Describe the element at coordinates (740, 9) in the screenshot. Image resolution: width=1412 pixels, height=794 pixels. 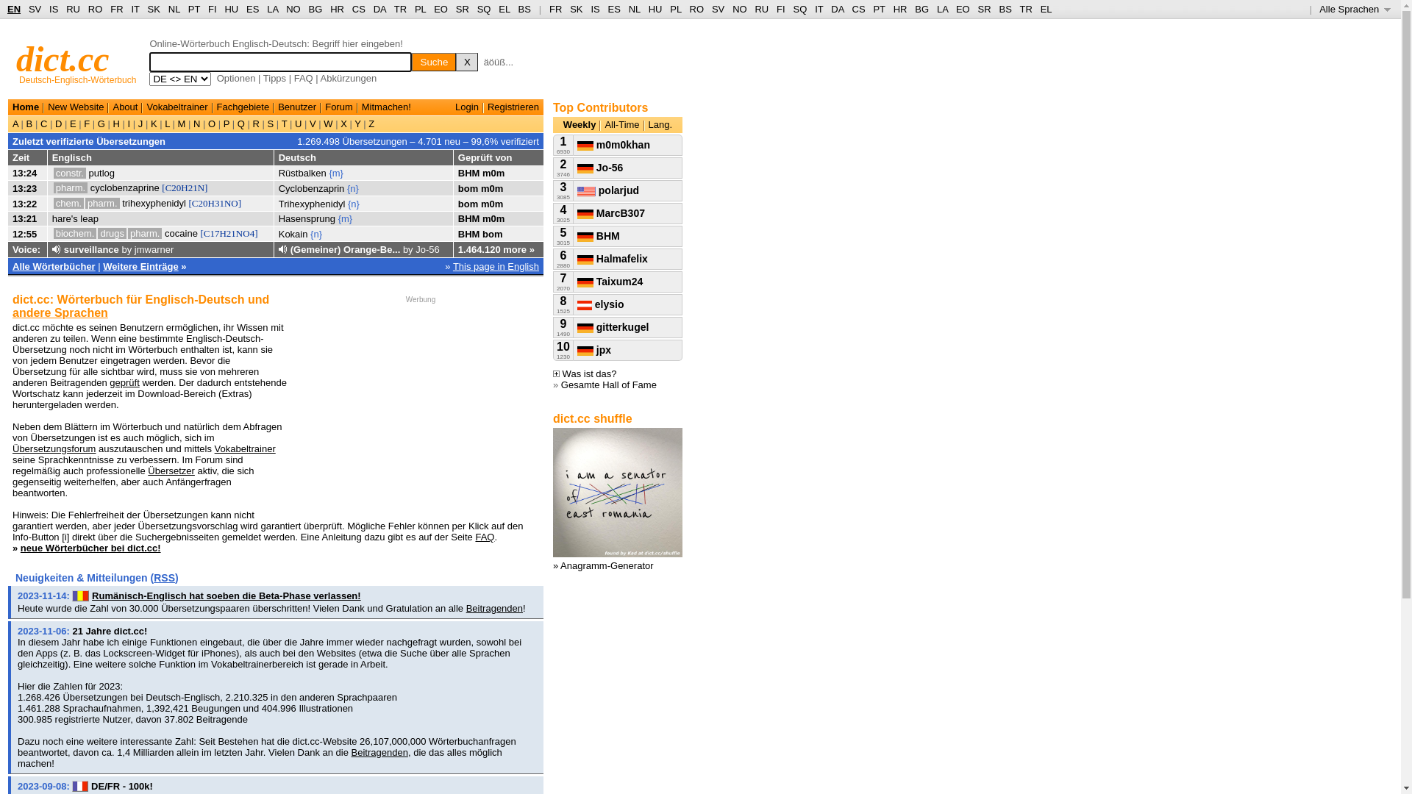
I see `'NO'` at that location.